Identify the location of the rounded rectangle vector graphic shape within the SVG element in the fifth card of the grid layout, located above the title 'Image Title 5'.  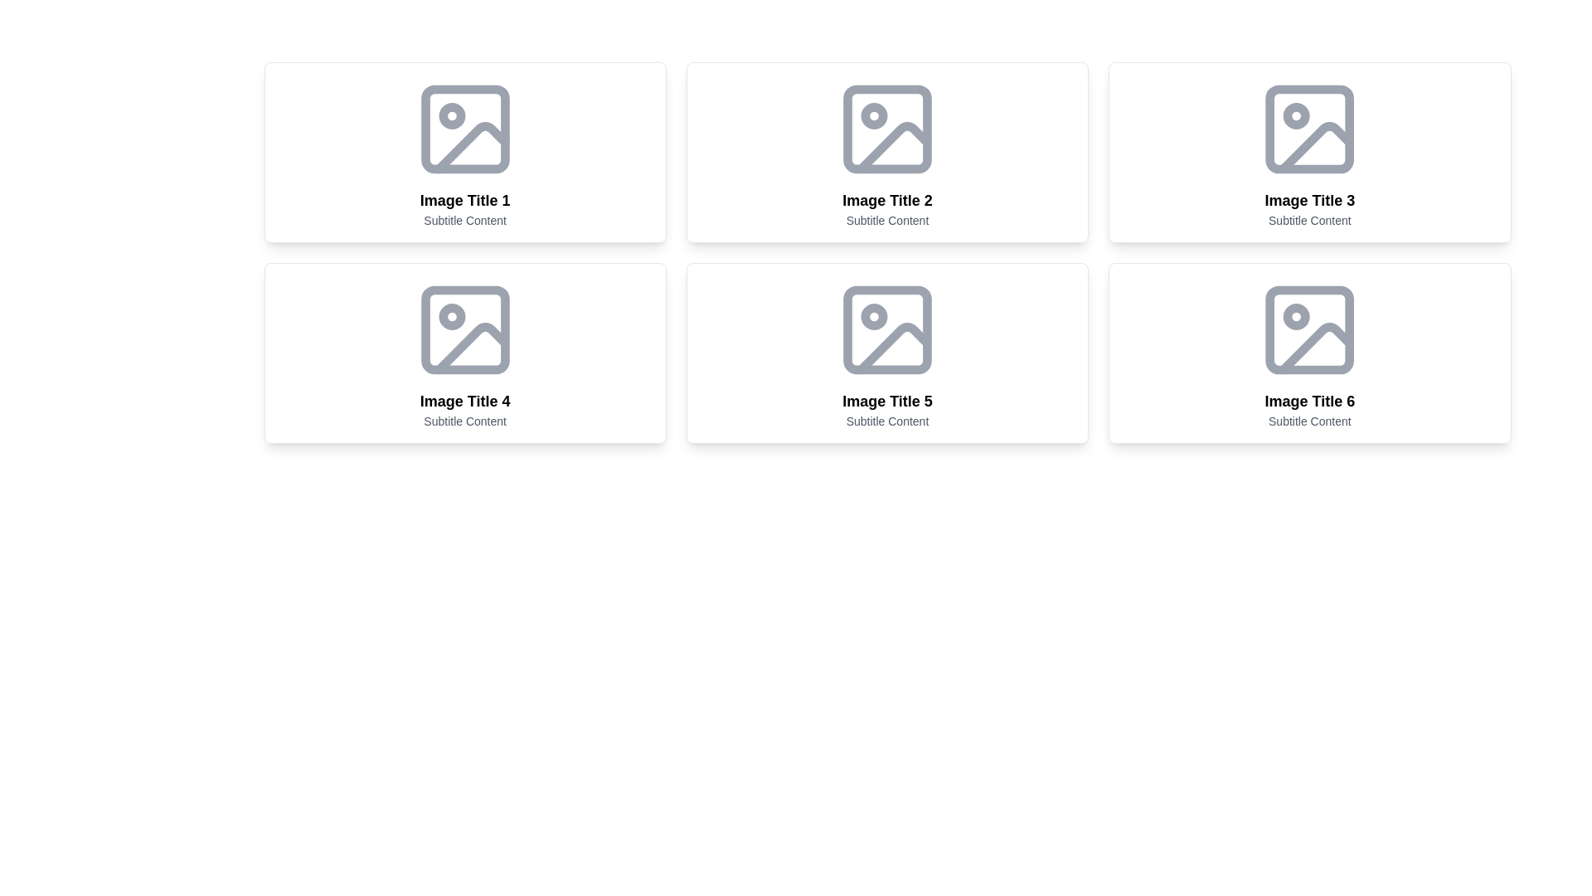
(886, 329).